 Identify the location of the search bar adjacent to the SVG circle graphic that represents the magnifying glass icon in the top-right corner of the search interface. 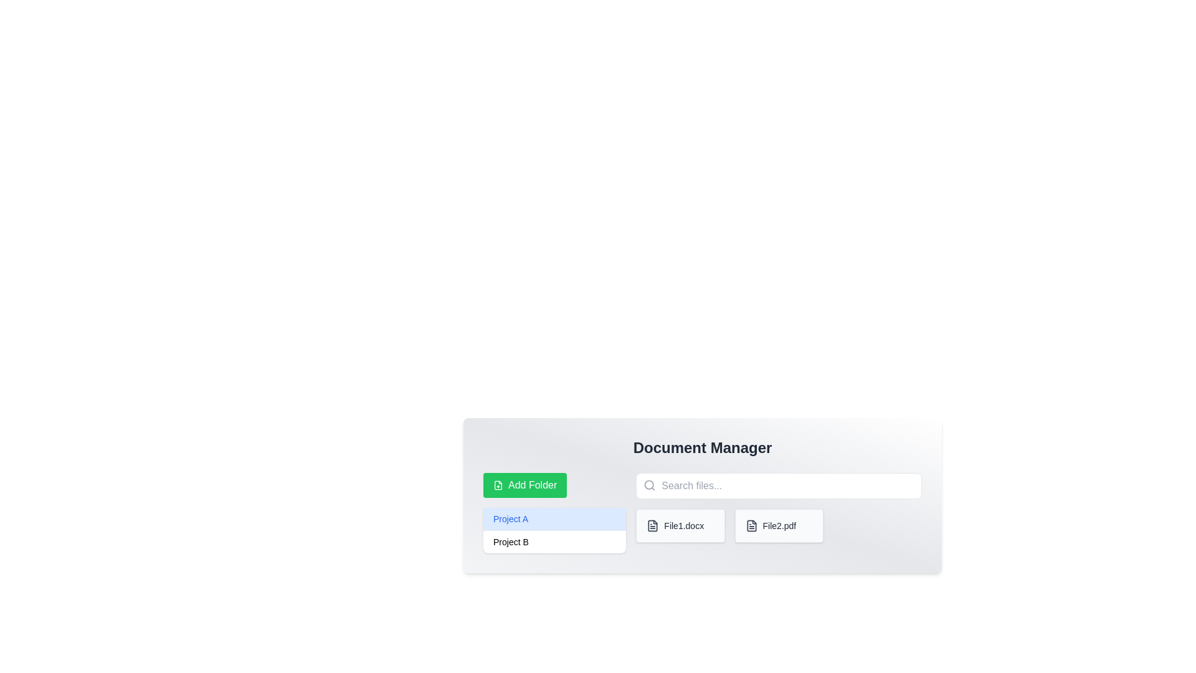
(648, 484).